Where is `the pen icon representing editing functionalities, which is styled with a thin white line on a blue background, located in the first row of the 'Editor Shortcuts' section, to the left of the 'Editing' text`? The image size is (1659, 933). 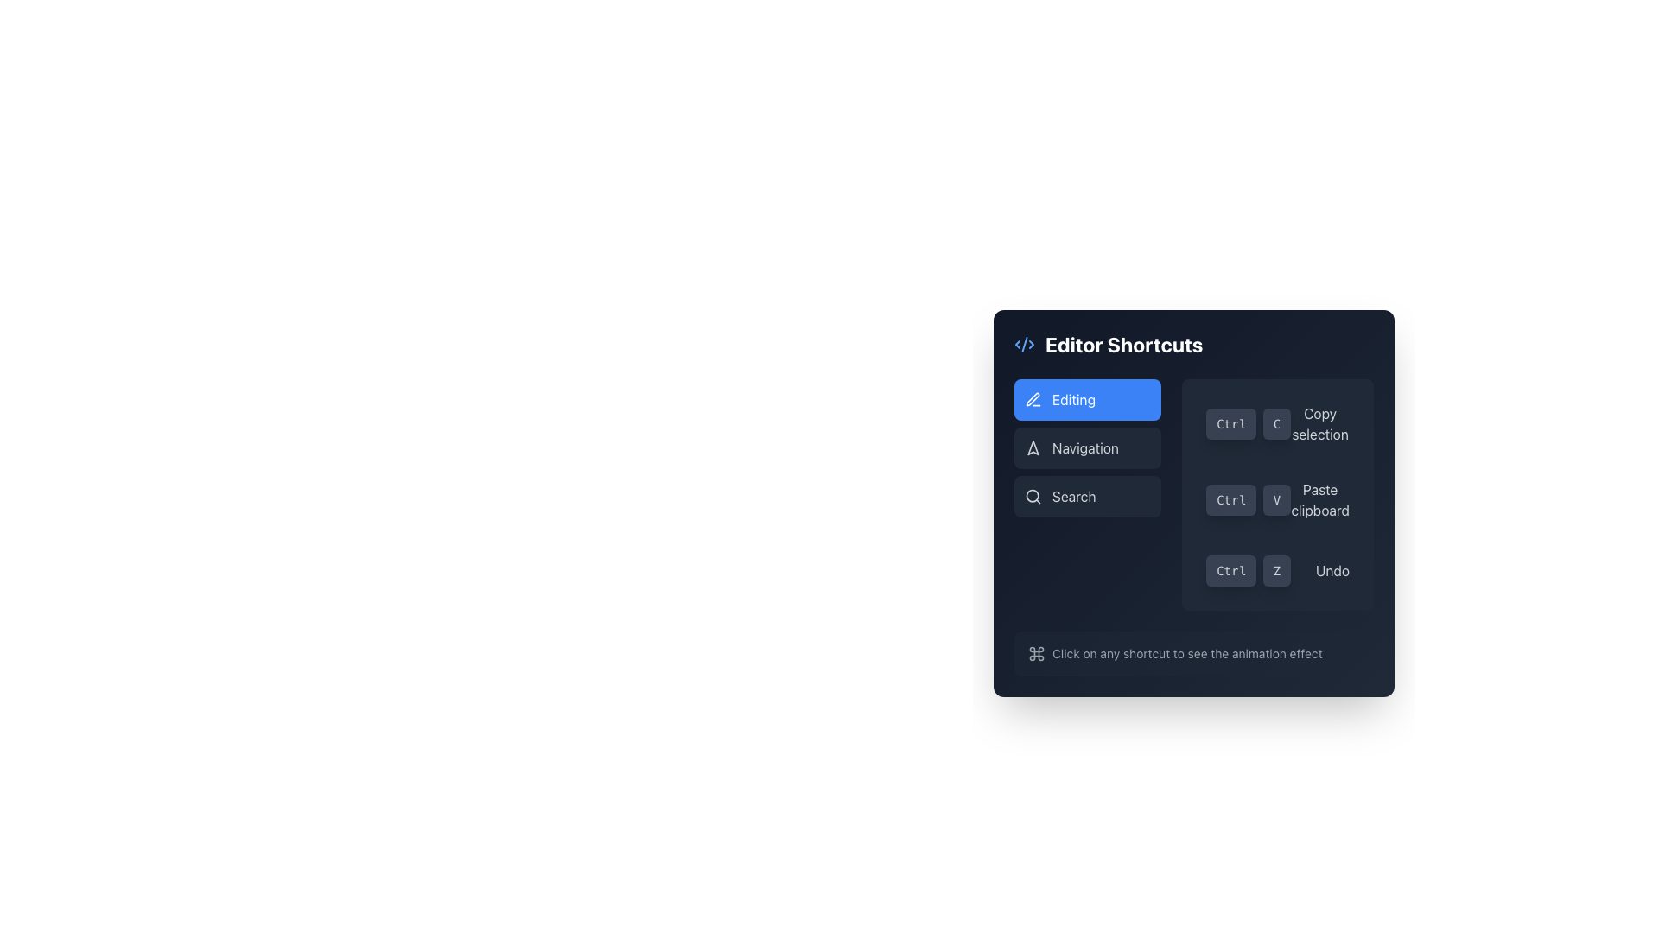
the pen icon representing editing functionalities, which is styled with a thin white line on a blue background, located in the first row of the 'Editor Shortcuts' section, to the left of the 'Editing' text is located at coordinates (1033, 399).